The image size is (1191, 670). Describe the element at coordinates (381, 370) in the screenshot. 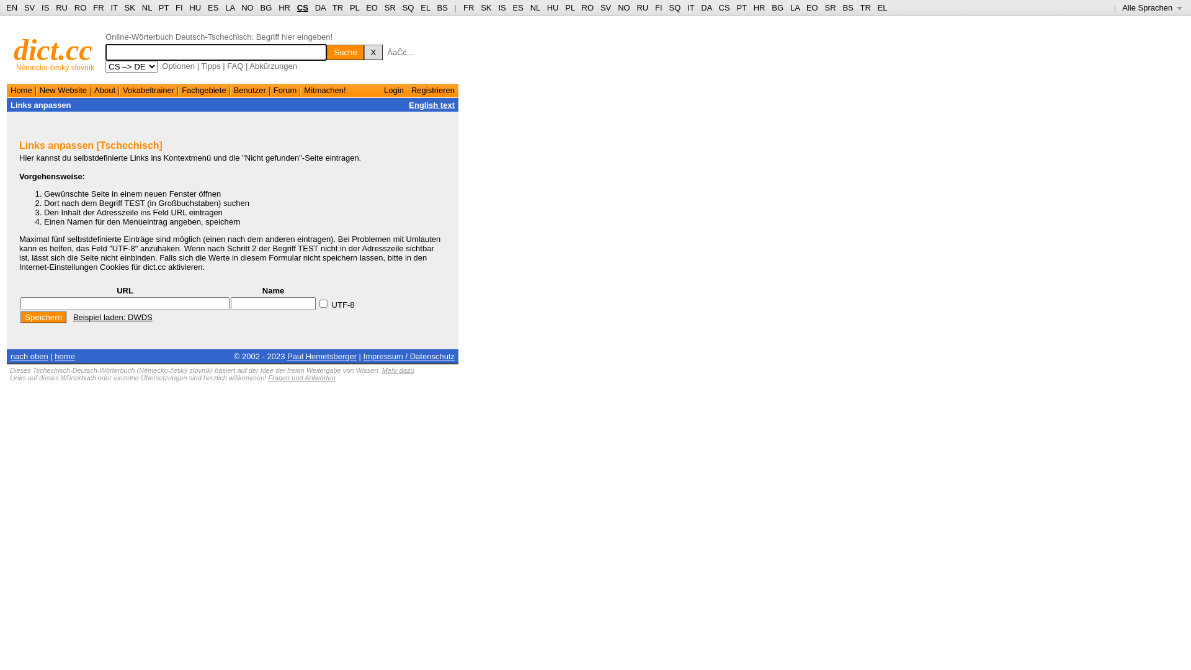

I see `'Mehr dazu'` at that location.